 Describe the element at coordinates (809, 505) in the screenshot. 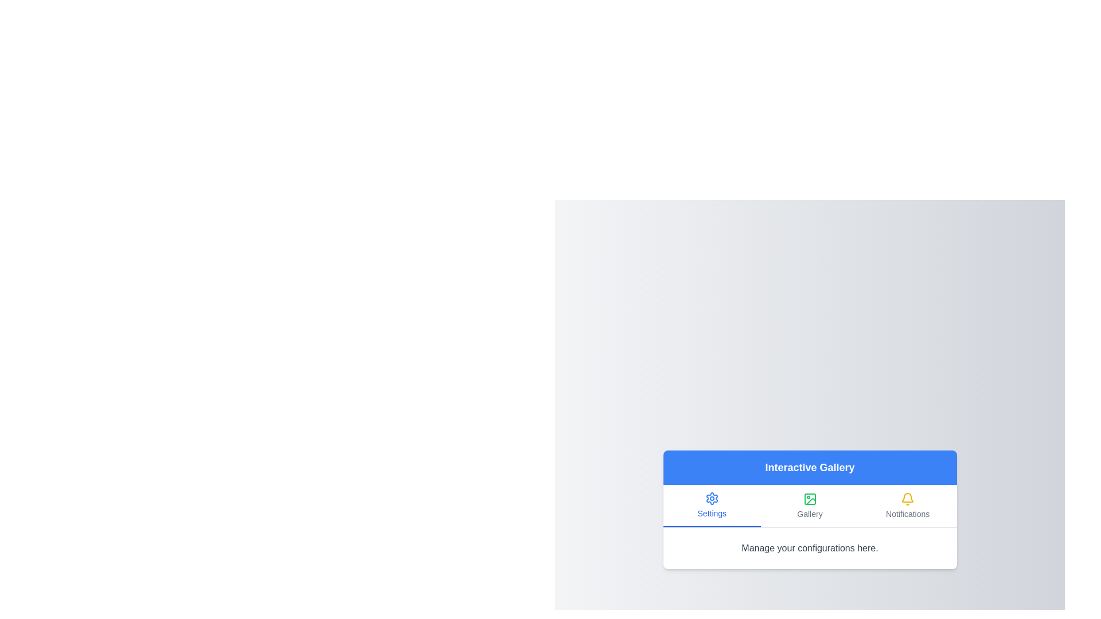

I see `the tab labeled Gallery` at that location.